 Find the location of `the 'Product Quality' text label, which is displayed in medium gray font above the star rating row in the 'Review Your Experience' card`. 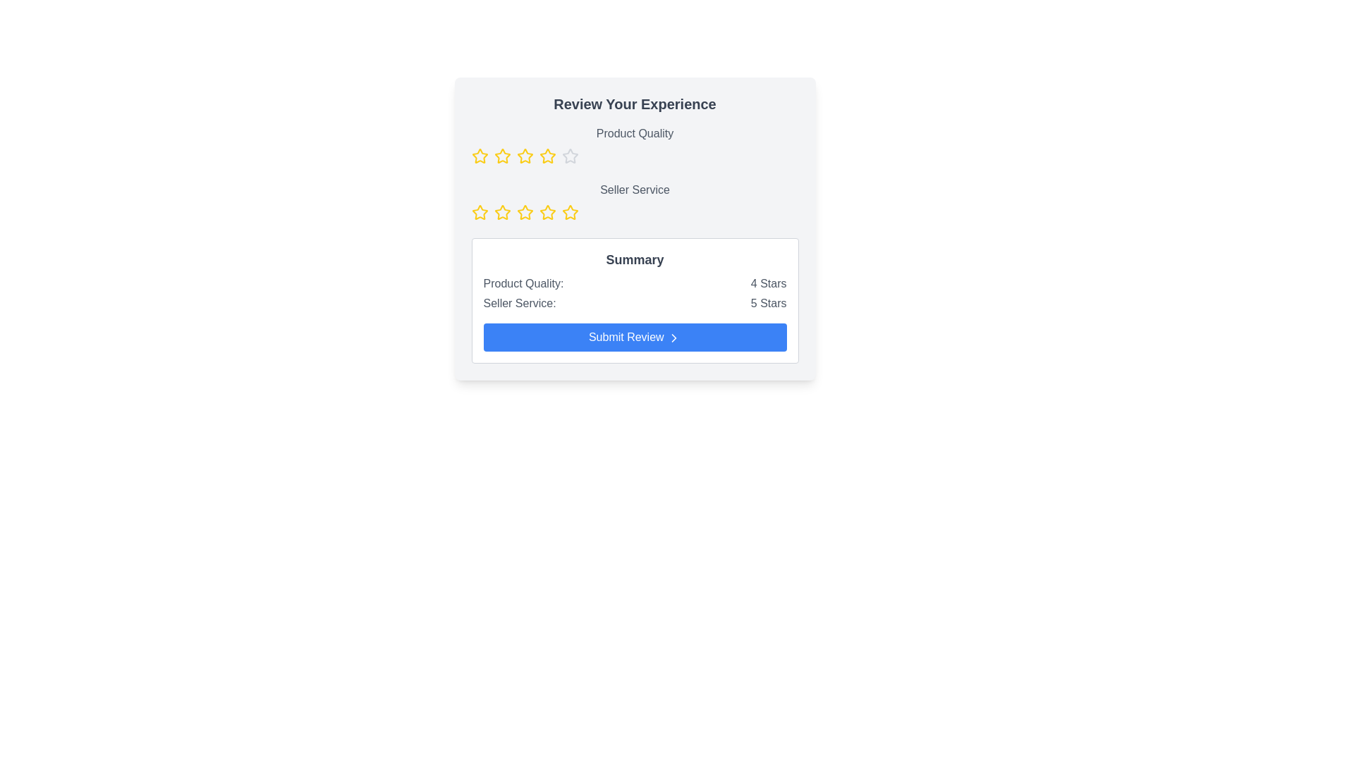

the 'Product Quality' text label, which is displayed in medium gray font above the star rating row in the 'Review Your Experience' card is located at coordinates (634, 144).